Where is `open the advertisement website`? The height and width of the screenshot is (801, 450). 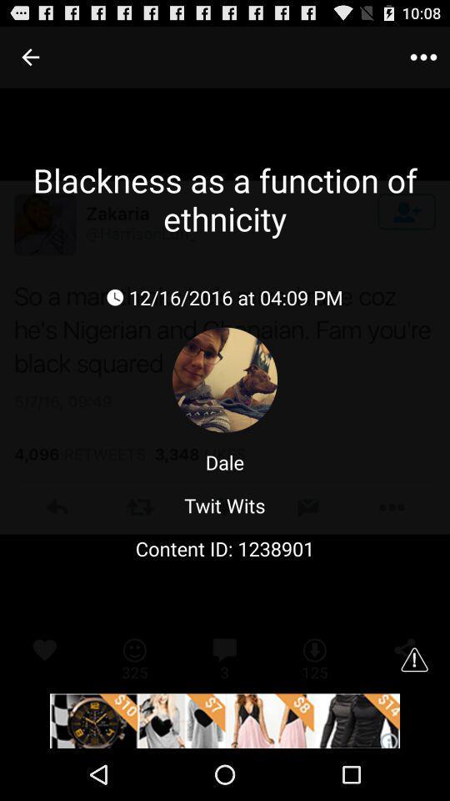
open the advertisement website is located at coordinates (225, 720).